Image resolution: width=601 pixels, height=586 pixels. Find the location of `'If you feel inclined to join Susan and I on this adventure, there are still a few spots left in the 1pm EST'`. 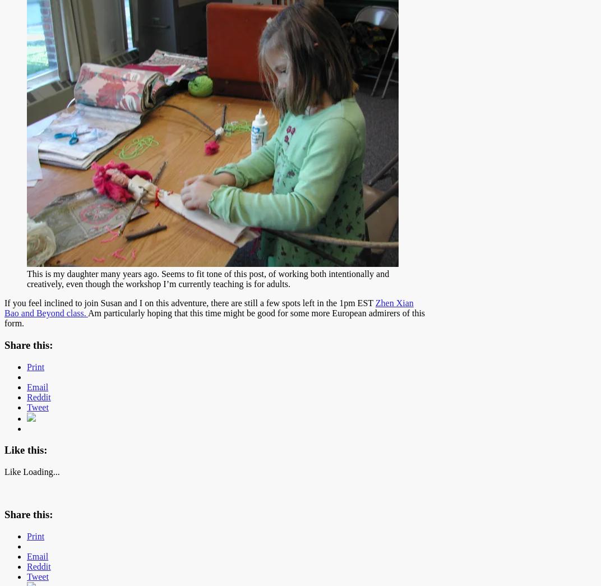

'If you feel inclined to join Susan and I on this adventure, there are still a few spots left in the 1pm EST' is located at coordinates (189, 303).